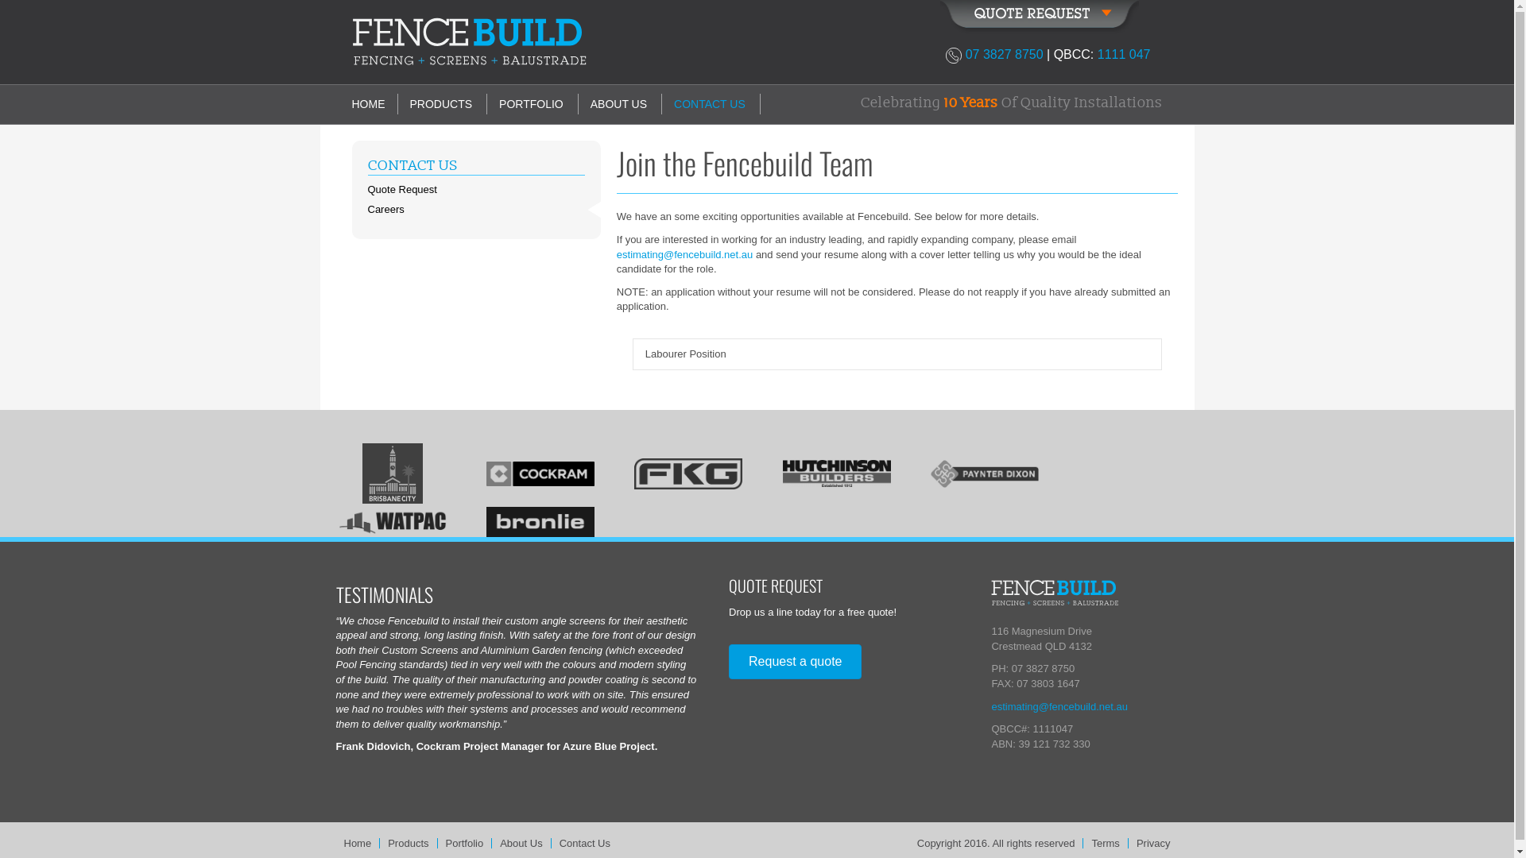  What do you see at coordinates (908, 842) in the screenshot?
I see `'Copyright 2016. All rights reserved'` at bounding box center [908, 842].